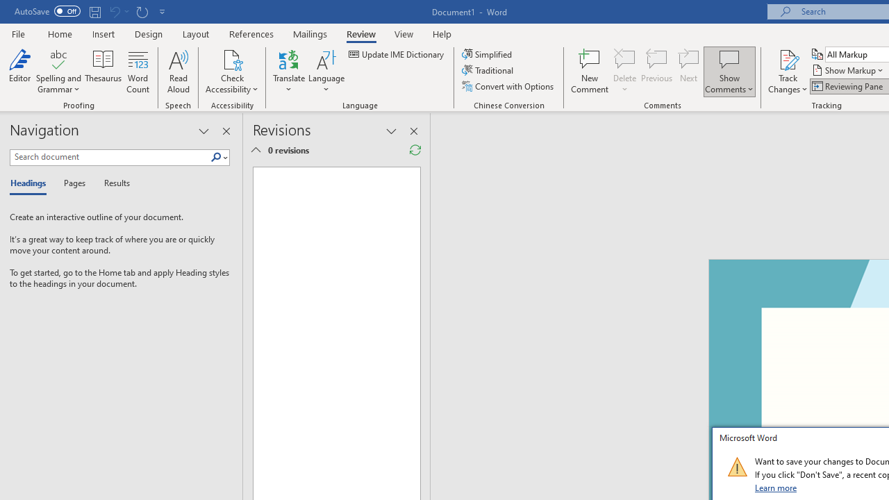  I want to click on 'Update IME Dictionary...', so click(397, 53).